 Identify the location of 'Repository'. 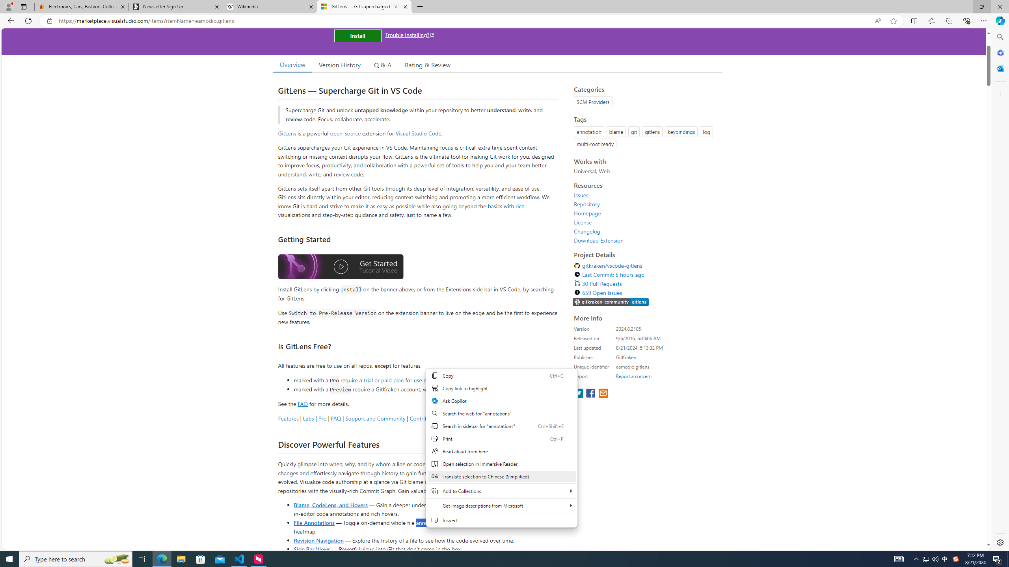
(646, 204).